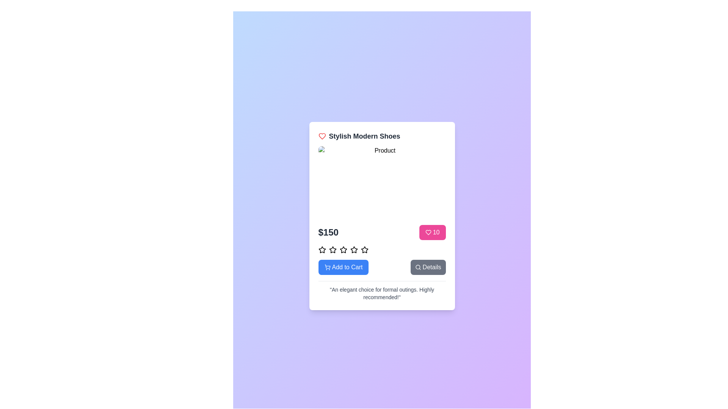 This screenshot has width=728, height=409. I want to click on the third star icon in the star-based rating system, so click(343, 250).